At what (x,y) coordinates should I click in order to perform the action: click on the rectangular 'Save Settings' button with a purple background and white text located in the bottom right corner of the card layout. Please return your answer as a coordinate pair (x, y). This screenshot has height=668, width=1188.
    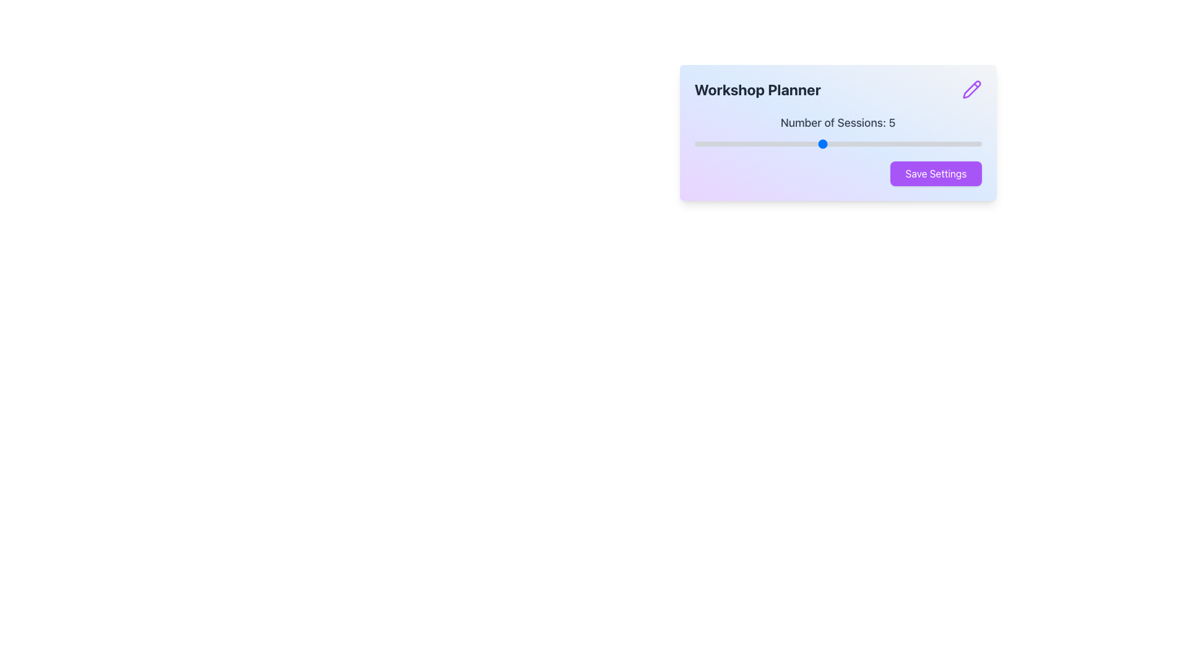
    Looking at the image, I should click on (936, 174).